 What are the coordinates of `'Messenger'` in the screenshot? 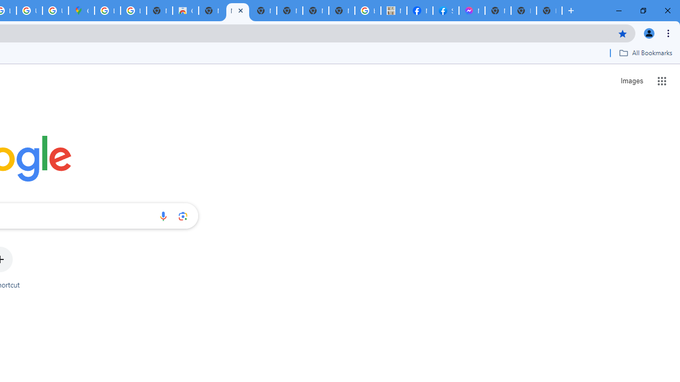 It's located at (471, 11).